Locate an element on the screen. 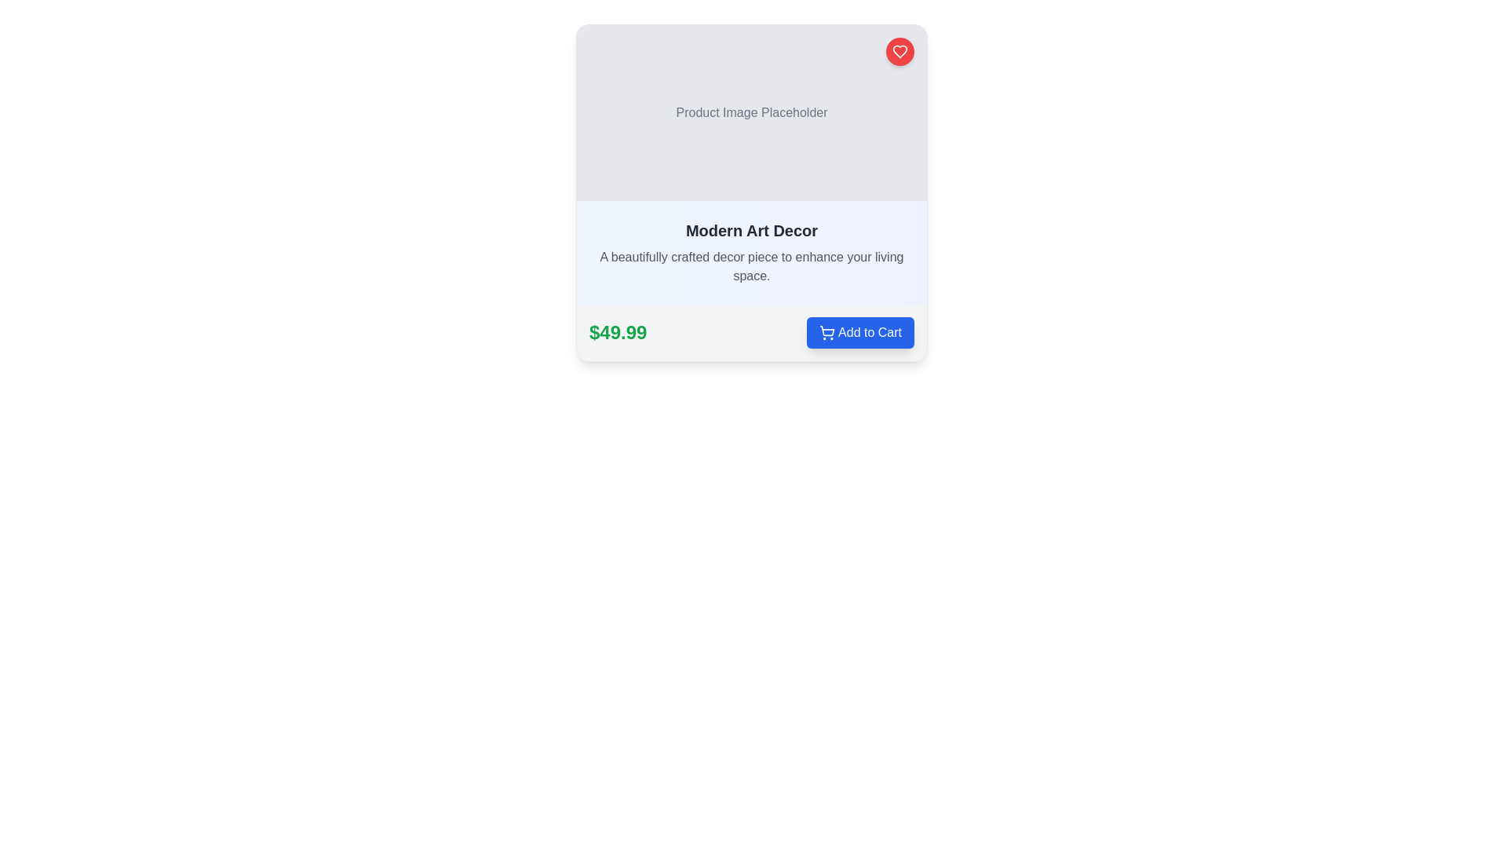 This screenshot has height=848, width=1507. the price display text located on the left side of the blue 'Add to Cart' button at the bottom of the product information card is located at coordinates (617, 332).